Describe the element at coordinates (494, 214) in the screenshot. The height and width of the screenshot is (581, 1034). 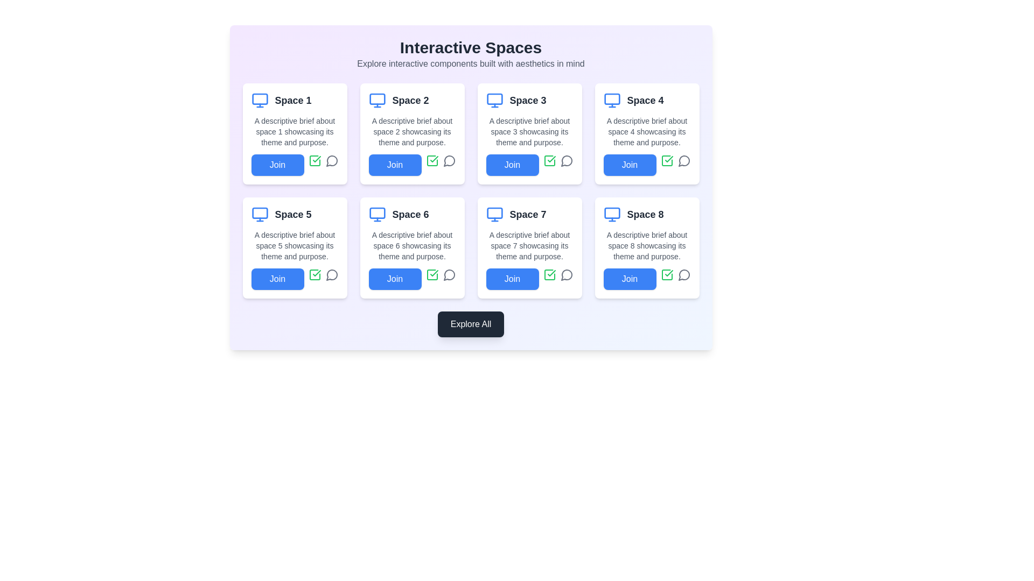
I see `the blue computer monitor icon located above the 'Space 7' text within its card in the second row, third column of the grid layout` at that location.